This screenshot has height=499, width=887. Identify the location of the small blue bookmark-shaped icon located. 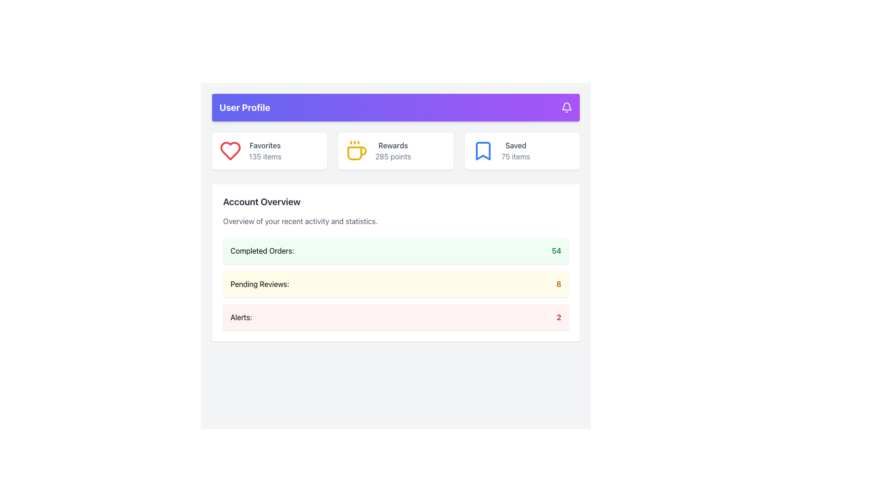
(482, 151).